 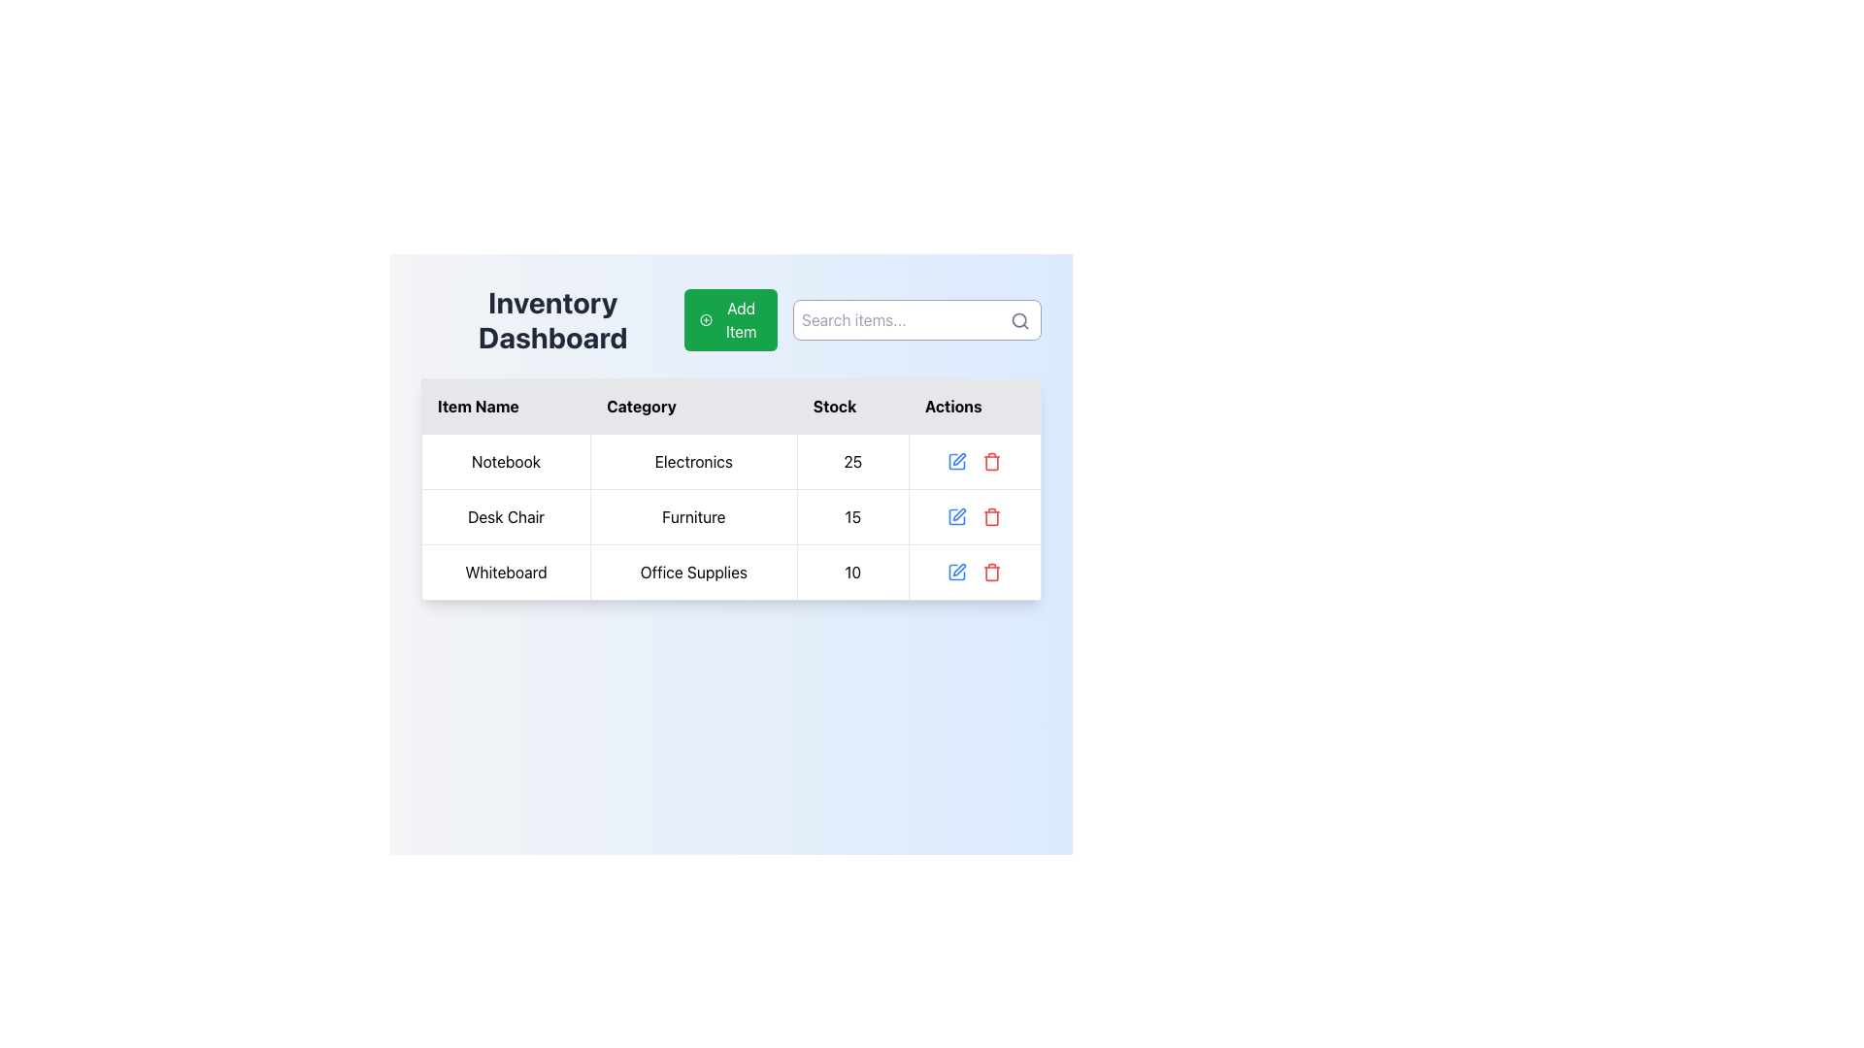 I want to click on the trash bin icon located in the 'Actions' column of the 'Whiteboard' row, which represents a delete action, so click(x=992, y=463).